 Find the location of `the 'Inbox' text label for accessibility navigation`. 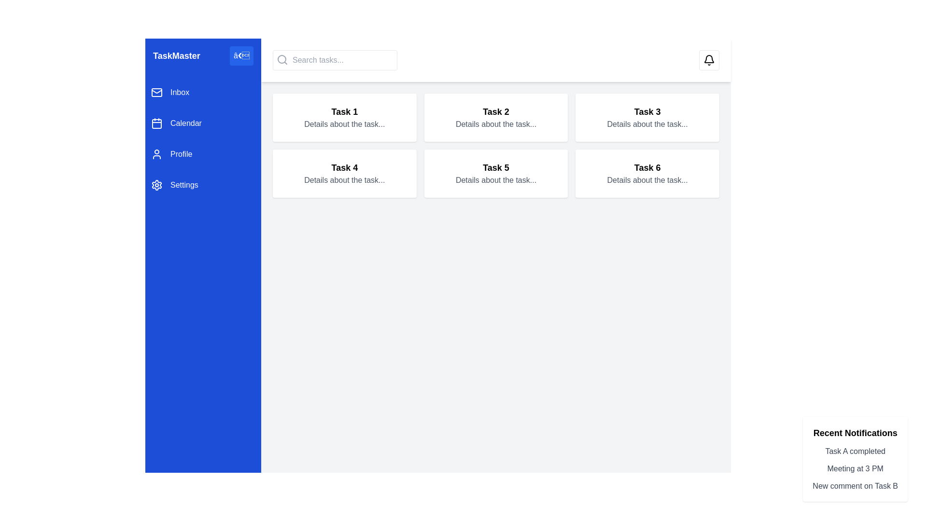

the 'Inbox' text label for accessibility navigation is located at coordinates (180, 93).